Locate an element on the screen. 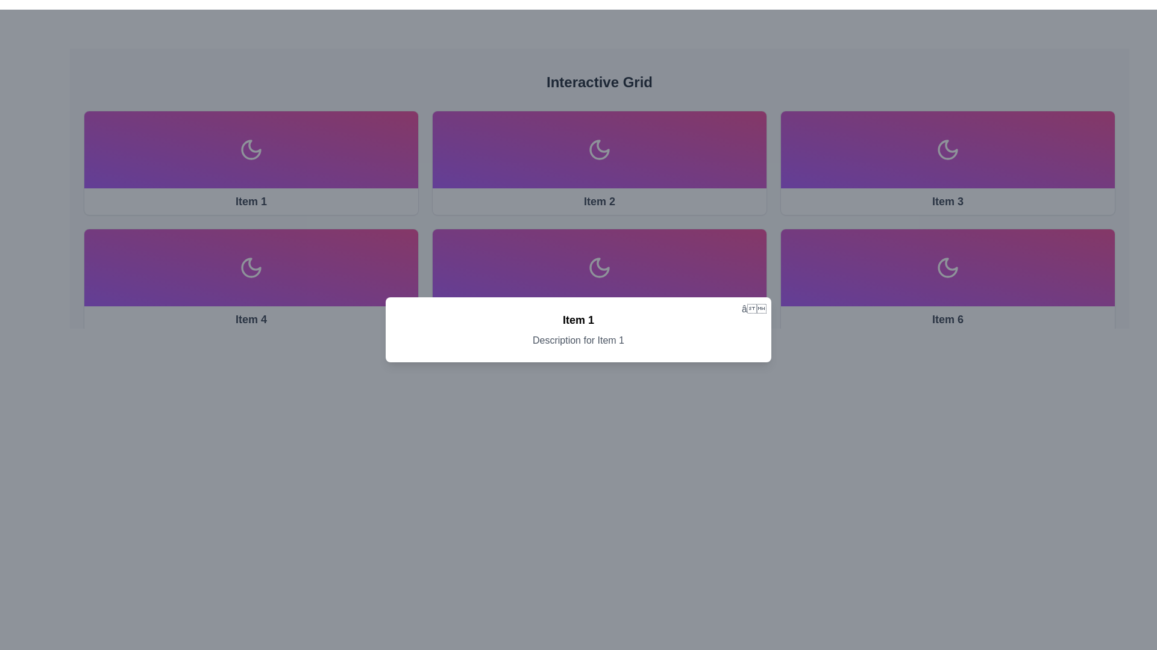 This screenshot has height=650, width=1157. the moon icon with a crescent shape, which is styled with a thin stroke and placed on a purple gradient background in the bottom right box of a grid layout is located at coordinates (599, 267).